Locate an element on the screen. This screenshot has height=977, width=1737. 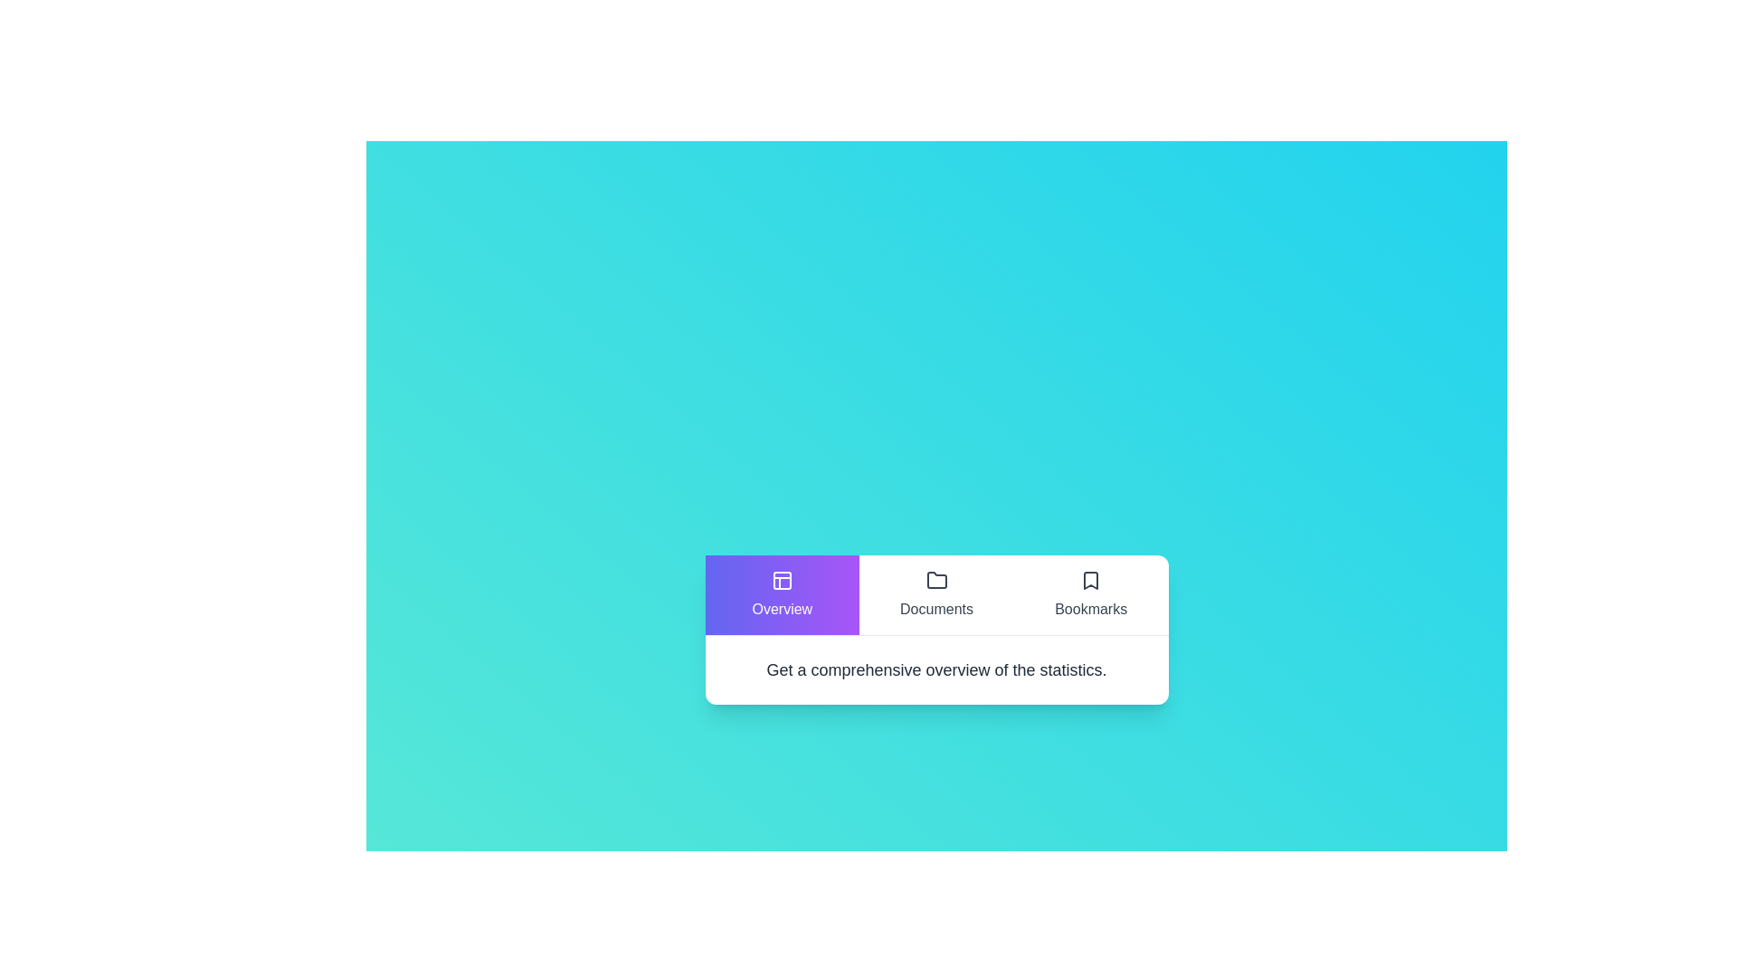
the header of the tab labeled Bookmarks to switch to that tab is located at coordinates (1090, 594).